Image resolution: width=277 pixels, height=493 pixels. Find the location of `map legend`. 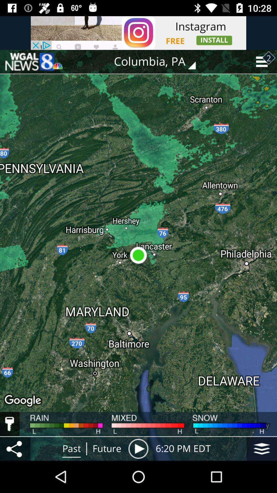

map legend is located at coordinates (10, 424).